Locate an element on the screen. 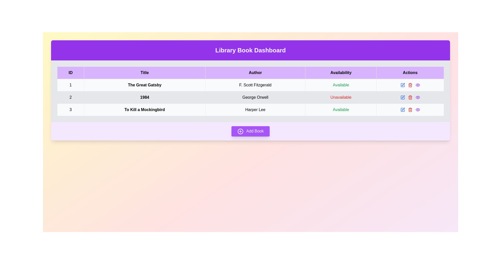  the text element containing 'The Great Gatsby', which is styled in bold and located in the second column of the first row of a table is located at coordinates (144, 85).